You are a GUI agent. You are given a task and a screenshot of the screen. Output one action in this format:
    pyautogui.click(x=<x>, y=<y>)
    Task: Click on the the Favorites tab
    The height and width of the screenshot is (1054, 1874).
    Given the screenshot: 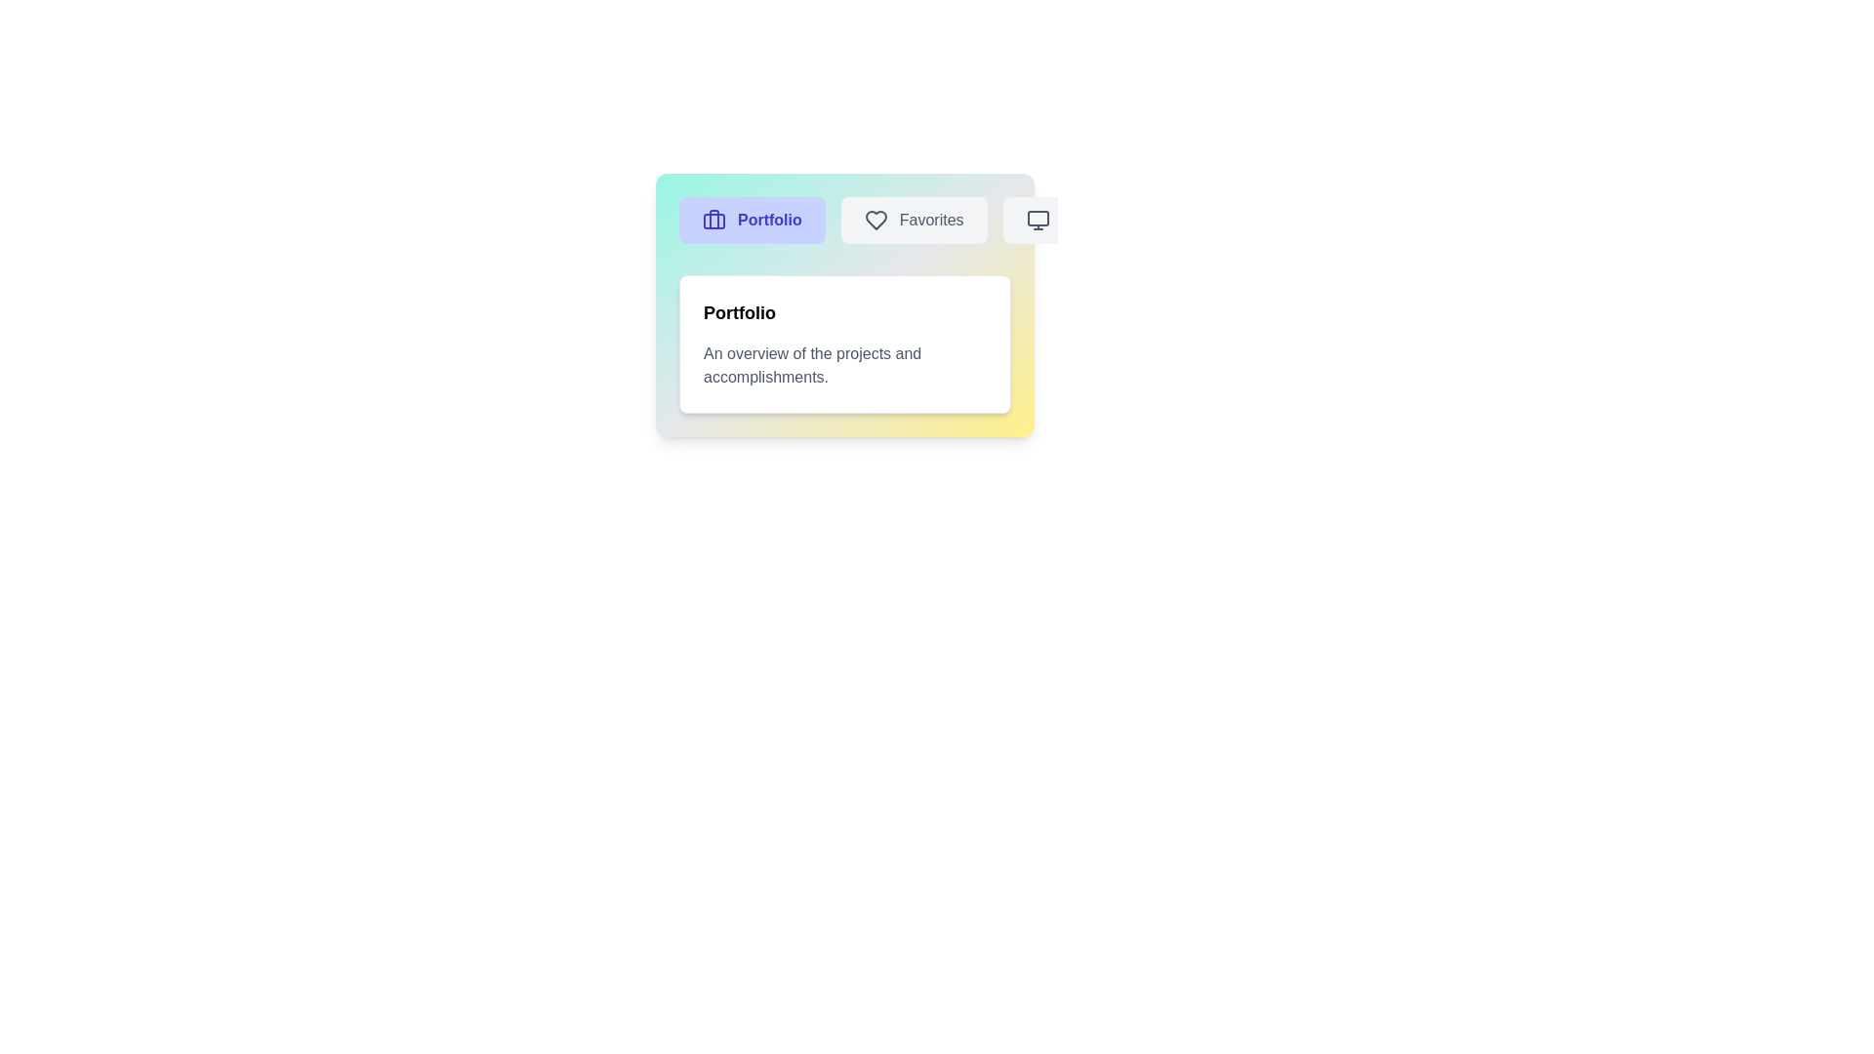 What is the action you would take?
    pyautogui.click(x=913, y=220)
    